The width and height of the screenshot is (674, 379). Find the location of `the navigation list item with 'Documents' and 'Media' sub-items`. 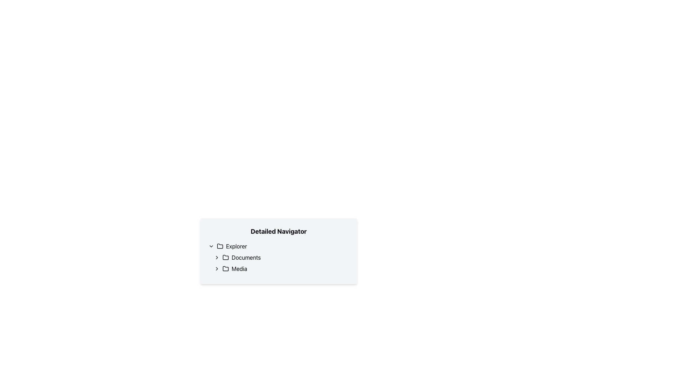

the navigation list item with 'Documents' and 'Media' sub-items is located at coordinates (278, 263).